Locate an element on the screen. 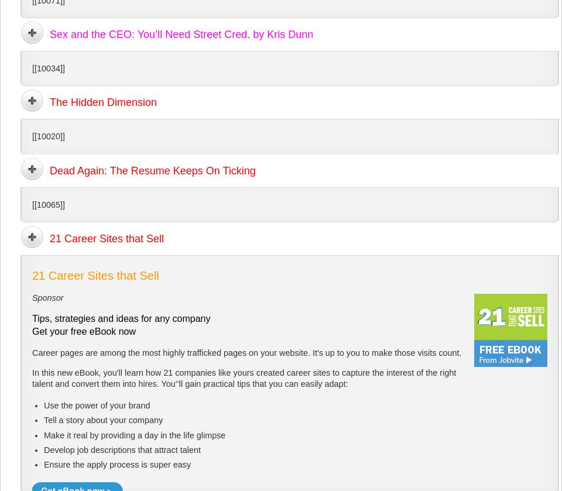  '[[10034]]' is located at coordinates (49, 68).